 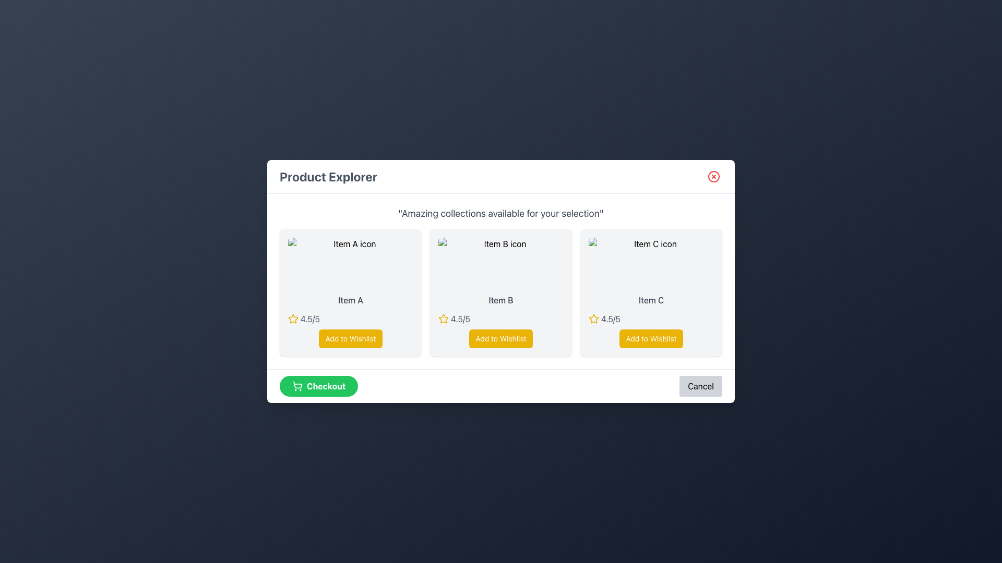 I want to click on the red circular button with an 'X' icon located in the top-right corner of the dialog box, so click(x=713, y=176).